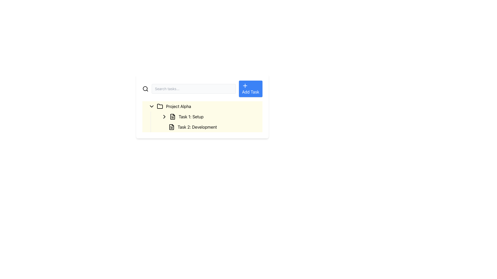 Image resolution: width=497 pixels, height=279 pixels. Describe the element at coordinates (172, 117) in the screenshot. I see `the first document icon representing the file type associated with 'Task 1: Setup' located to the left of the text 'Task 1: Setup' under 'Project Alpha'` at that location.